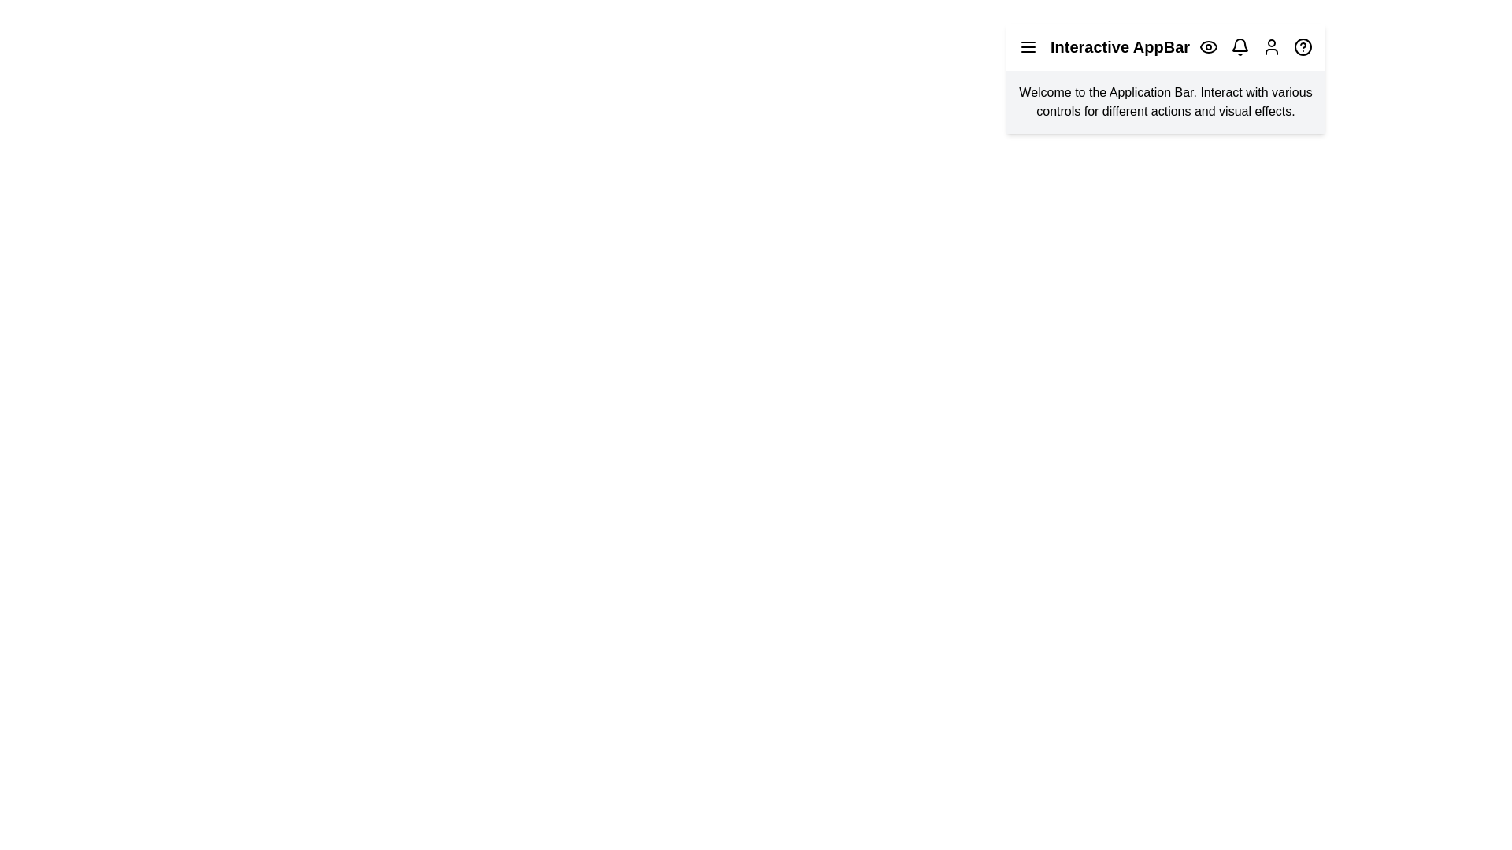  I want to click on the user profile icon to access the user menu, so click(1271, 46).